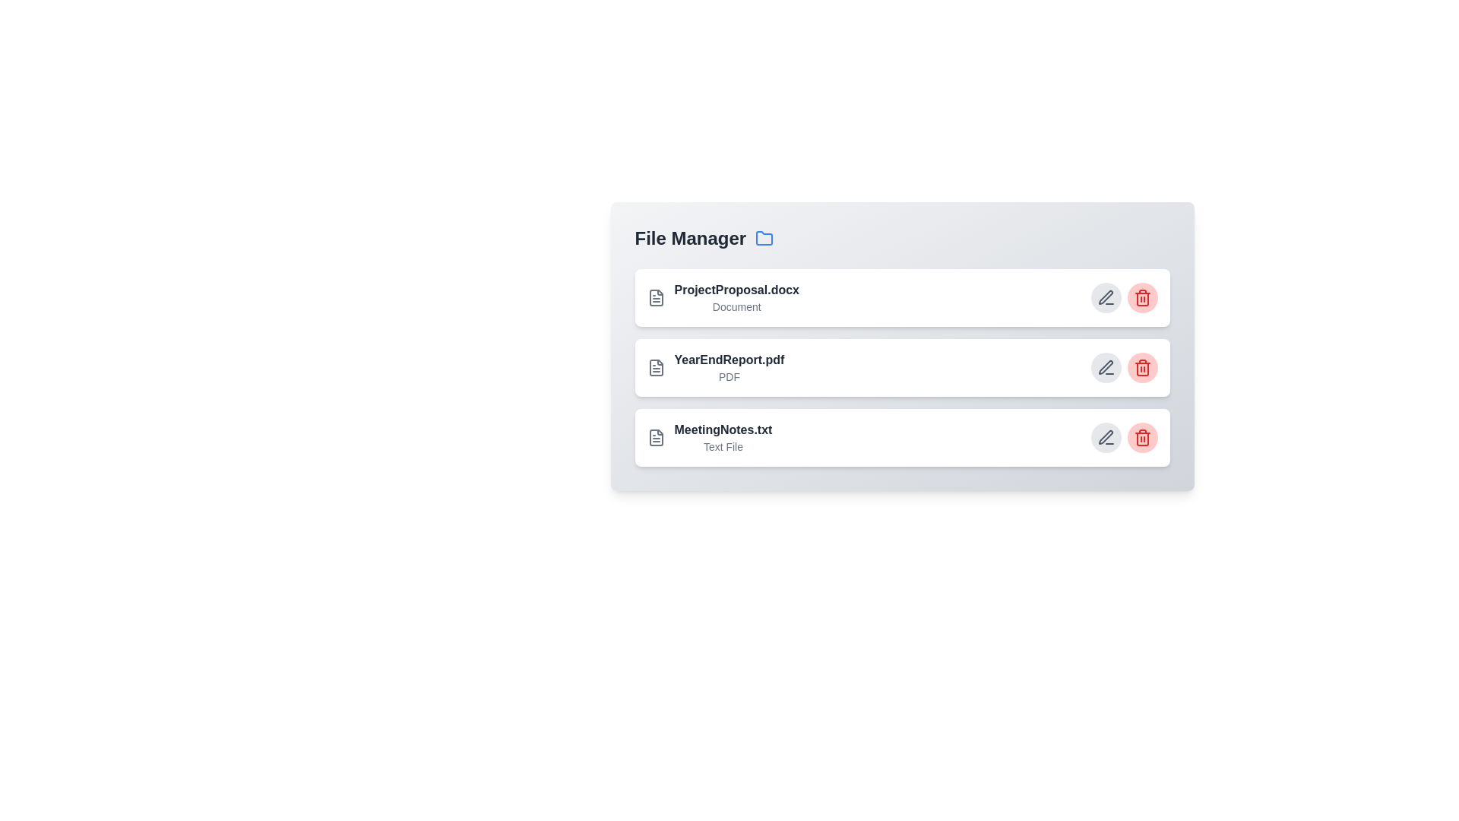  What do you see at coordinates (764, 238) in the screenshot?
I see `the folder icon in the header of the FileManager component` at bounding box center [764, 238].